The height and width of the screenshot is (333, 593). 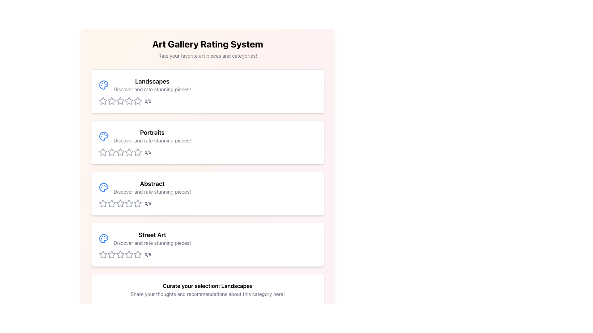 I want to click on the second star icon used in the rating system for the 'Portraits' category for accessibility purposes, so click(x=111, y=152).